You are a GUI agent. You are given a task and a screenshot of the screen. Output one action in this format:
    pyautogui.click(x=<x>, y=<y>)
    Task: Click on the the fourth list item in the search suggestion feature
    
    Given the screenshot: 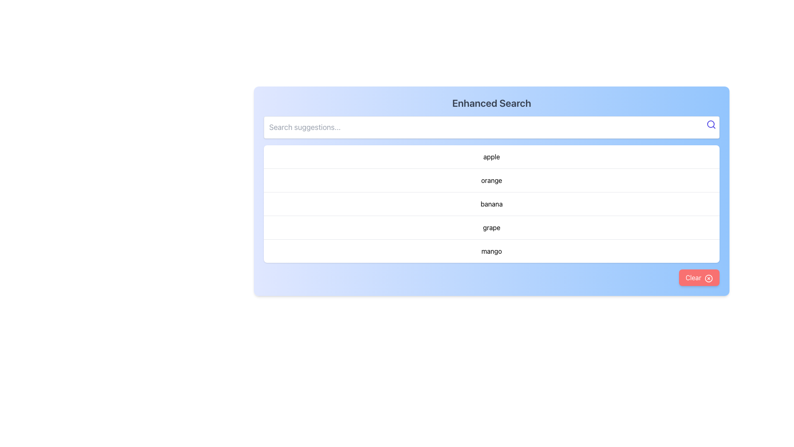 What is the action you would take?
    pyautogui.click(x=492, y=227)
    